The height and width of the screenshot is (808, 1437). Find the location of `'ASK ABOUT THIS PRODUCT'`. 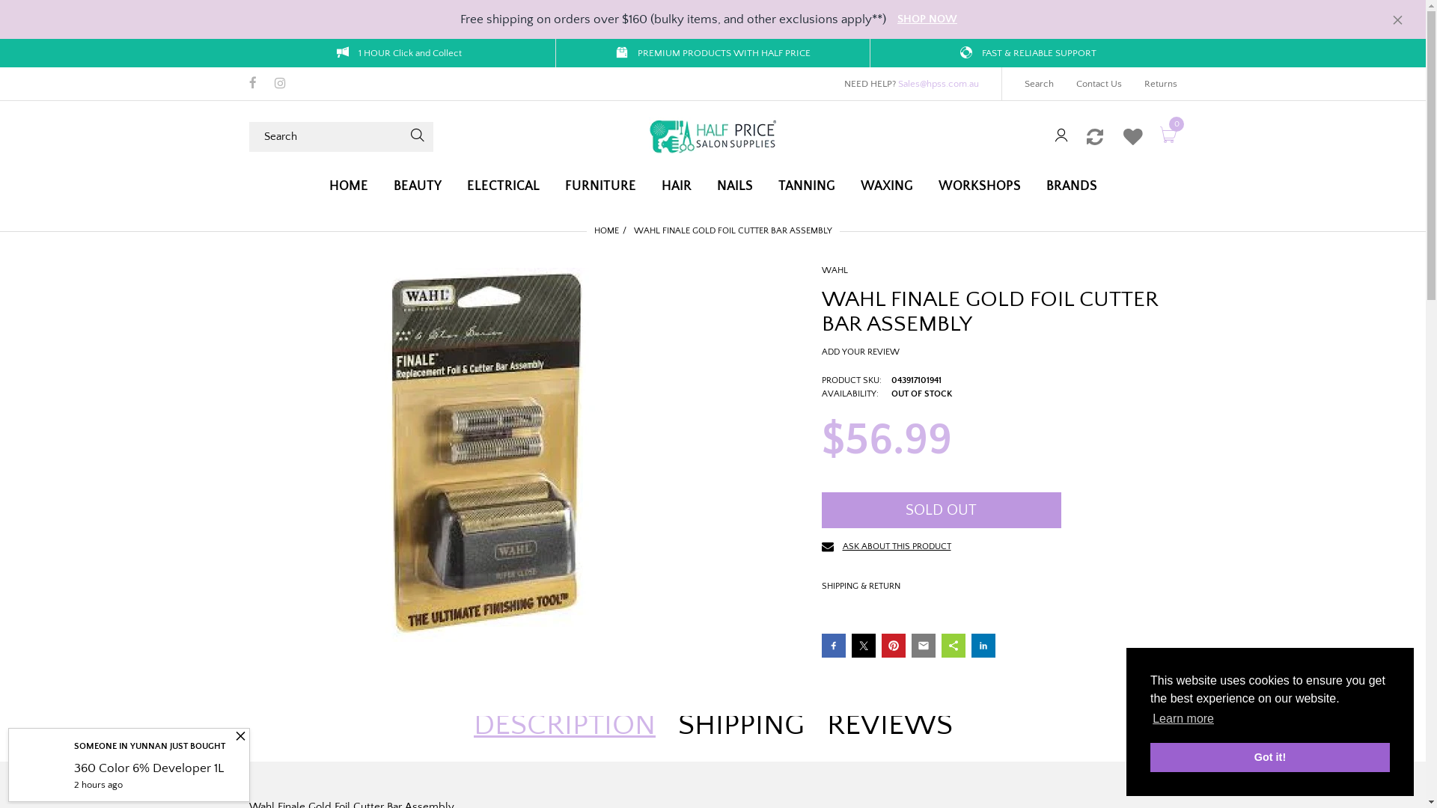

'ASK ABOUT THIS PRODUCT' is located at coordinates (886, 550).